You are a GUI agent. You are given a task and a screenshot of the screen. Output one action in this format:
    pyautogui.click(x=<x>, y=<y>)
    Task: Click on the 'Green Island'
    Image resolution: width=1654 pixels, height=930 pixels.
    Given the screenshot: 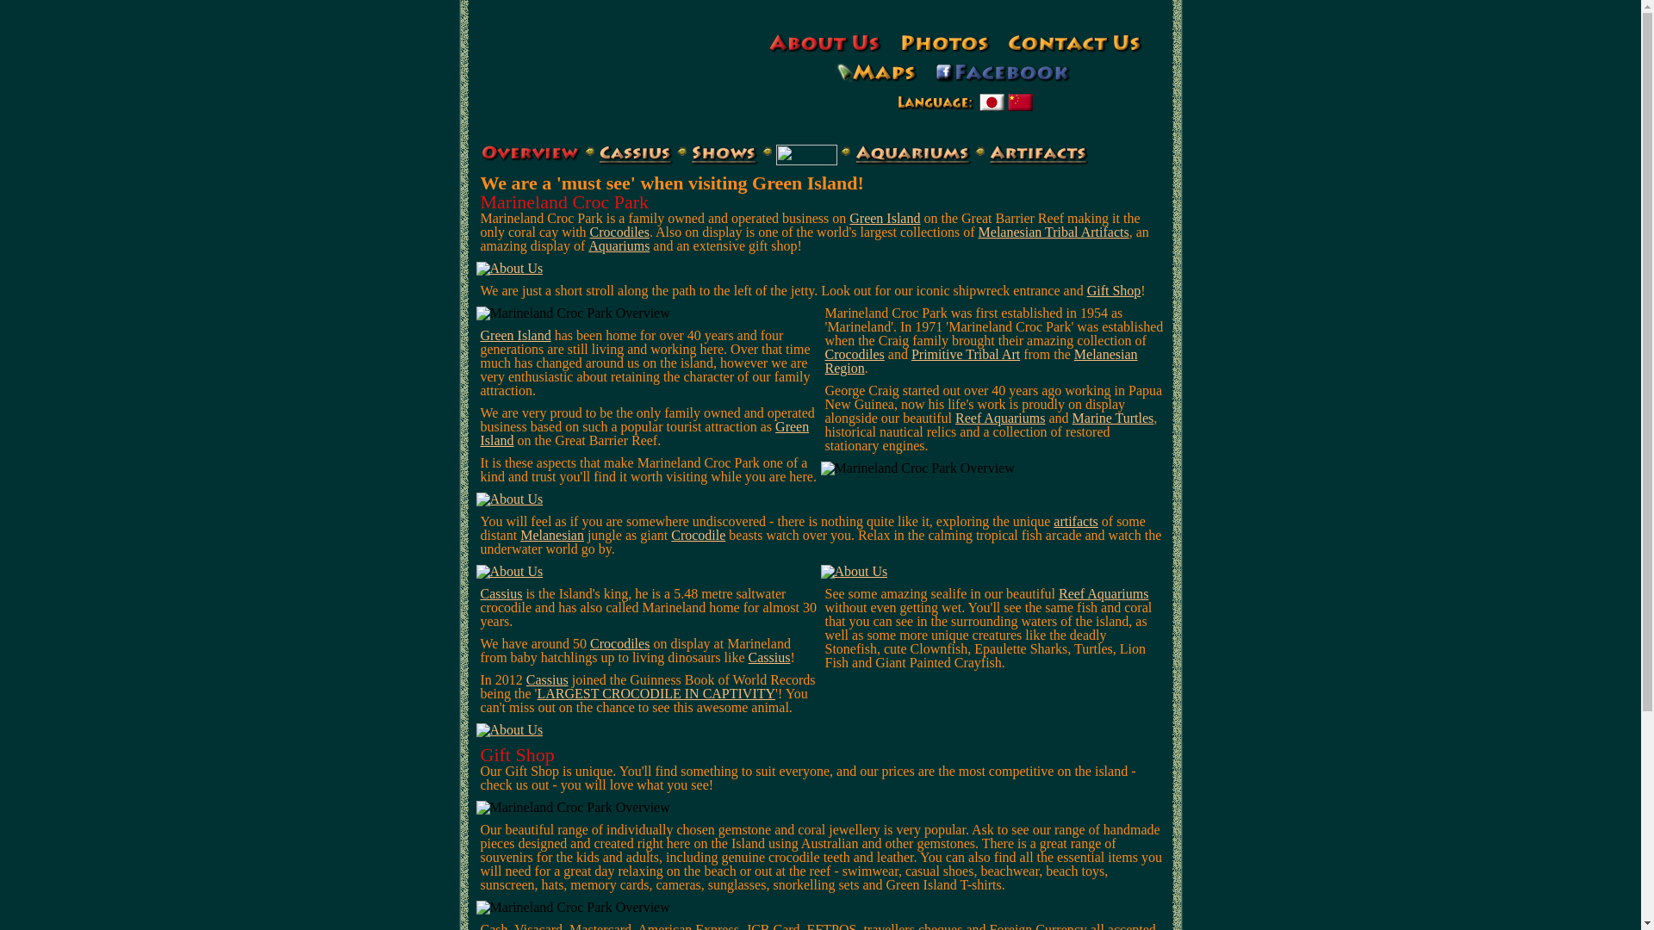 What is the action you would take?
    pyautogui.click(x=515, y=335)
    